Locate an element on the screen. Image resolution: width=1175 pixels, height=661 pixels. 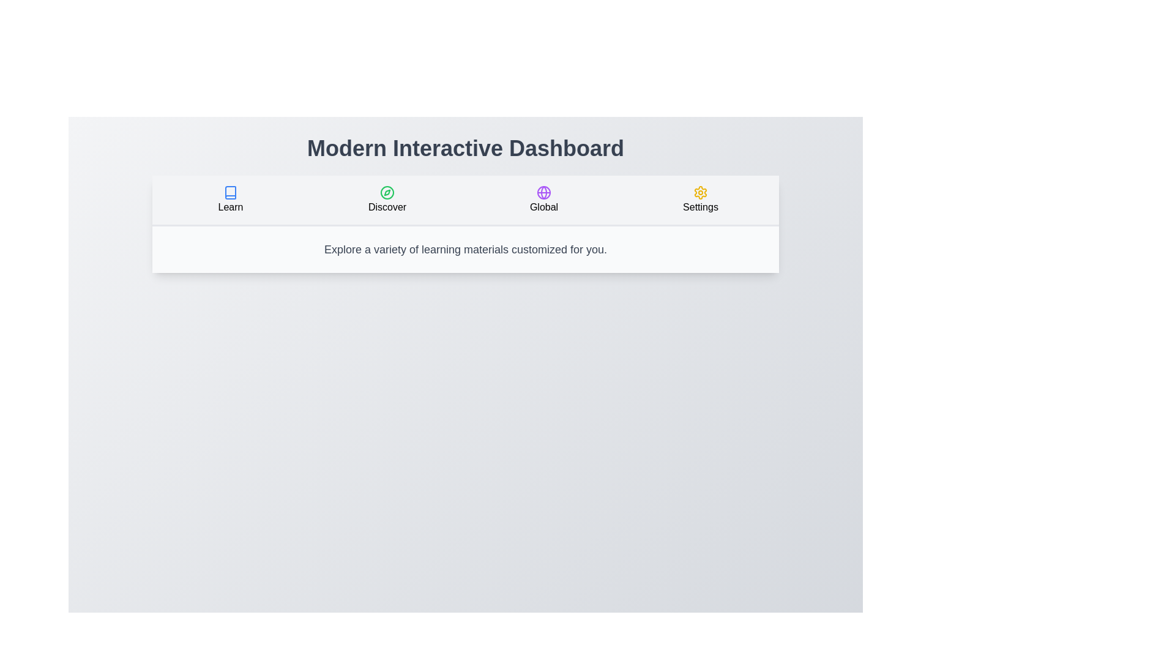
the blue book icon representing the 'Learn' functionality located at the top left section of the interface, which is above the 'Learn' text is located at coordinates (231, 193).